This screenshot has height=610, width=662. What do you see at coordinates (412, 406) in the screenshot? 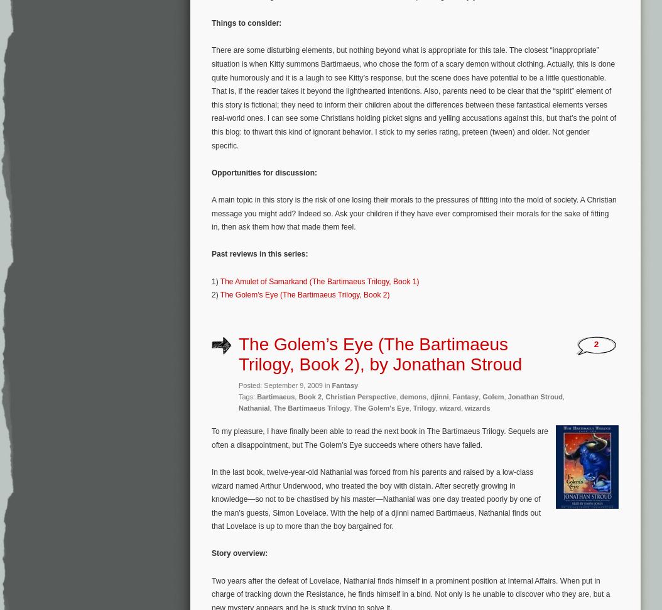
I see `'Trilogy'` at bounding box center [412, 406].